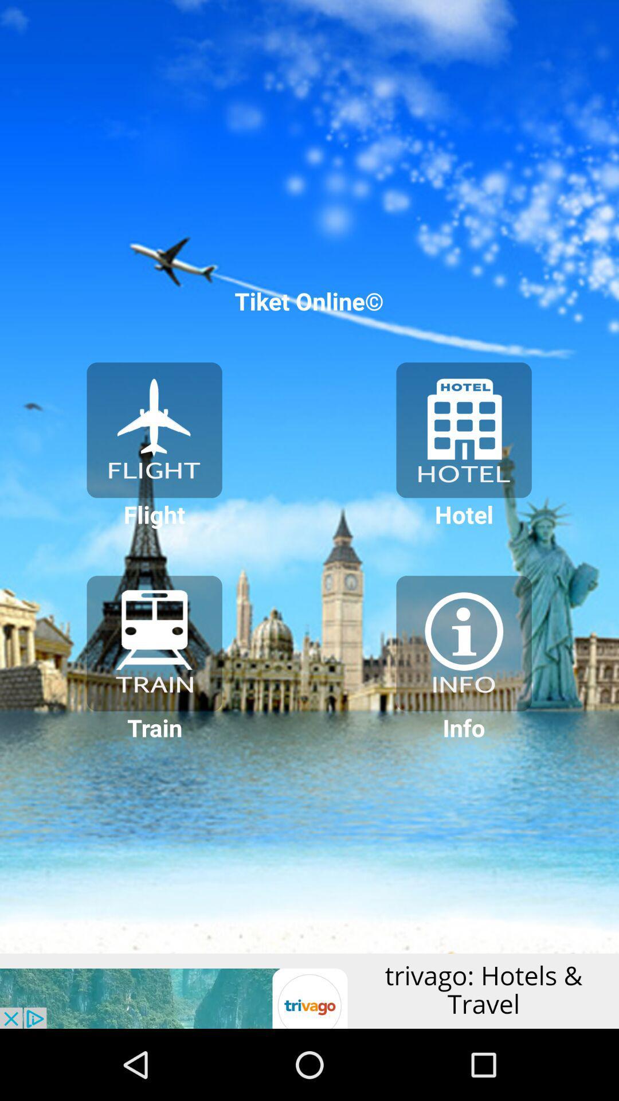 This screenshot has width=619, height=1101. Describe the element at coordinates (463, 643) in the screenshot. I see `customize` at that location.